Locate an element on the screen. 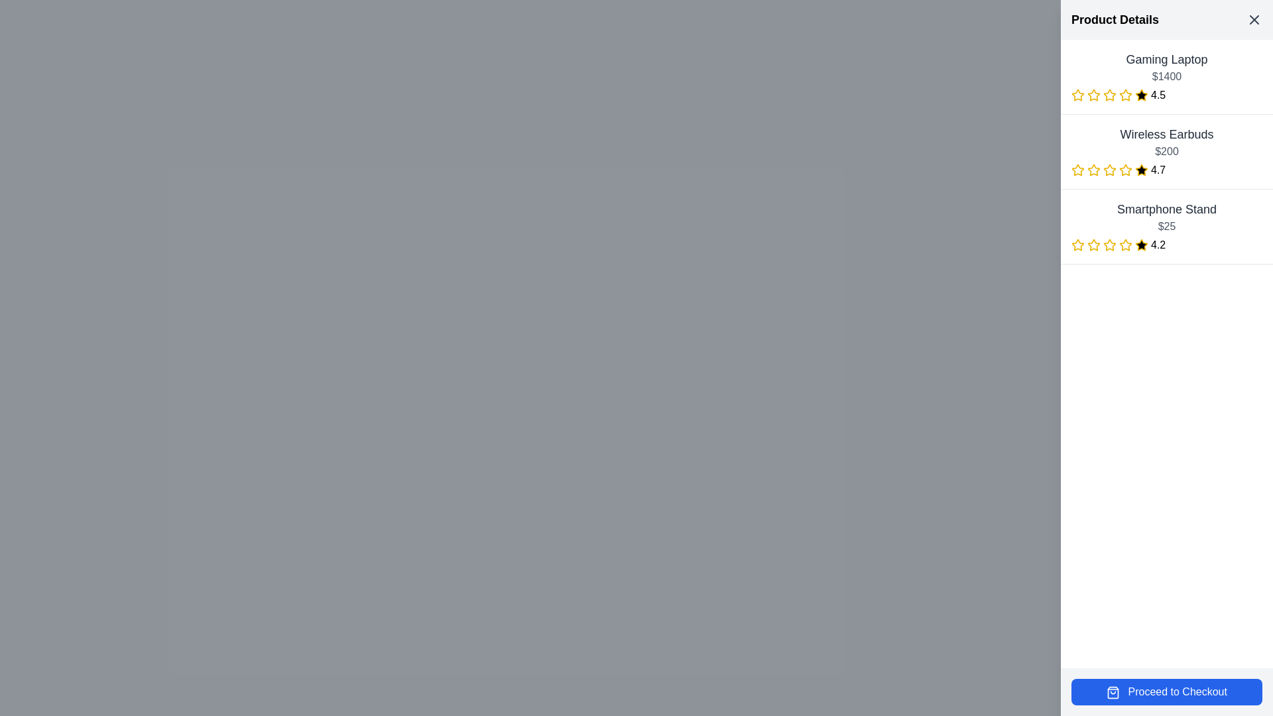  the fifth star icon representing the rating for the 'Wireless Earbuds' product, located in the right panel of the interface is located at coordinates (1125, 170).